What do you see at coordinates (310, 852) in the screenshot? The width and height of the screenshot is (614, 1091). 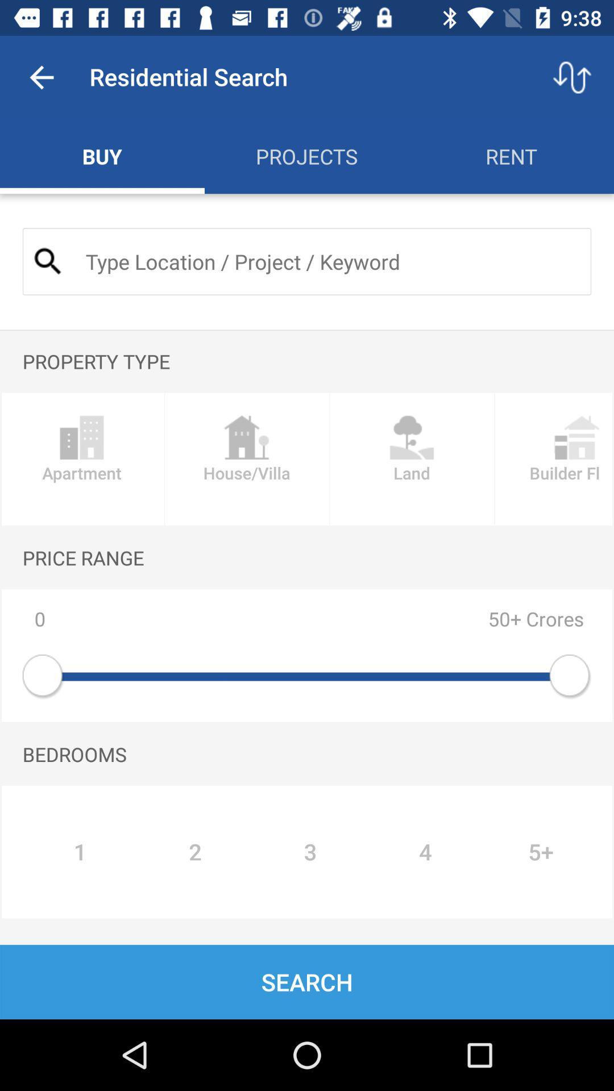 I see `3` at bounding box center [310, 852].